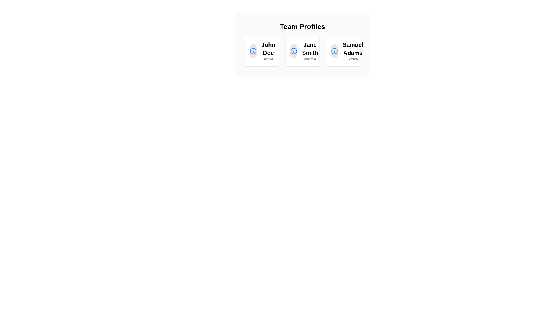 The width and height of the screenshot is (559, 314). Describe the element at coordinates (353, 51) in the screenshot. I see `the text label displaying the name 'Samuel Adams'` at that location.